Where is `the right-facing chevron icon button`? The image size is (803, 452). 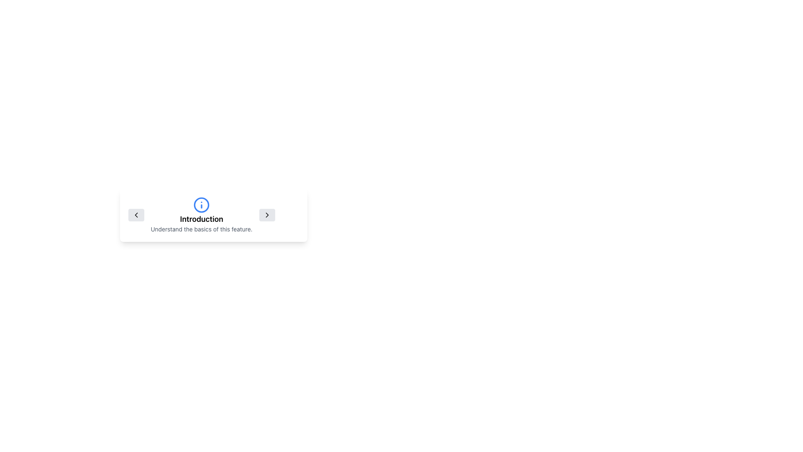 the right-facing chevron icon button is located at coordinates (266, 214).